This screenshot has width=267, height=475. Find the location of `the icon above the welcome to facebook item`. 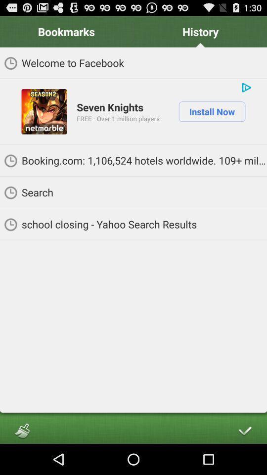

the icon above the welcome to facebook item is located at coordinates (200, 31).